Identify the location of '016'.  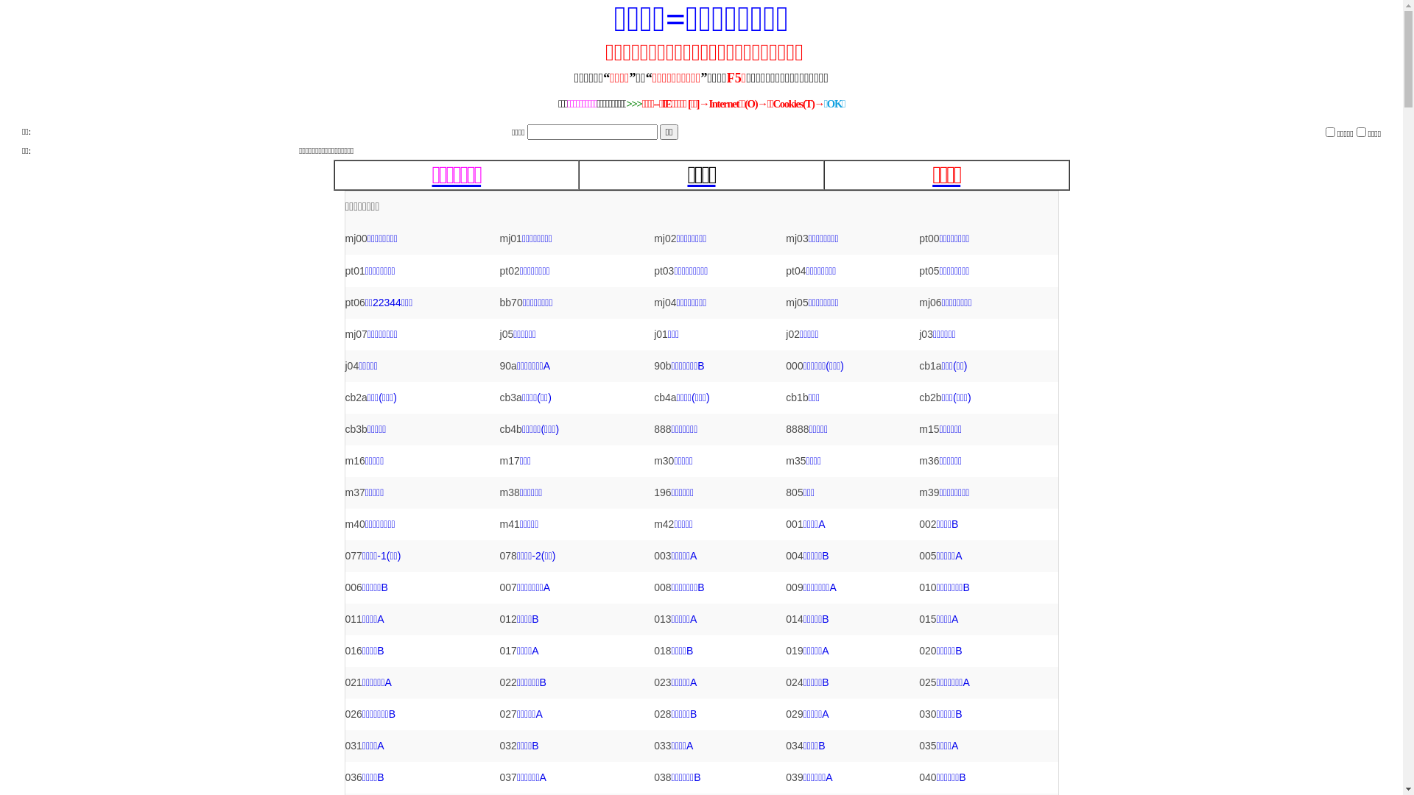
(352, 649).